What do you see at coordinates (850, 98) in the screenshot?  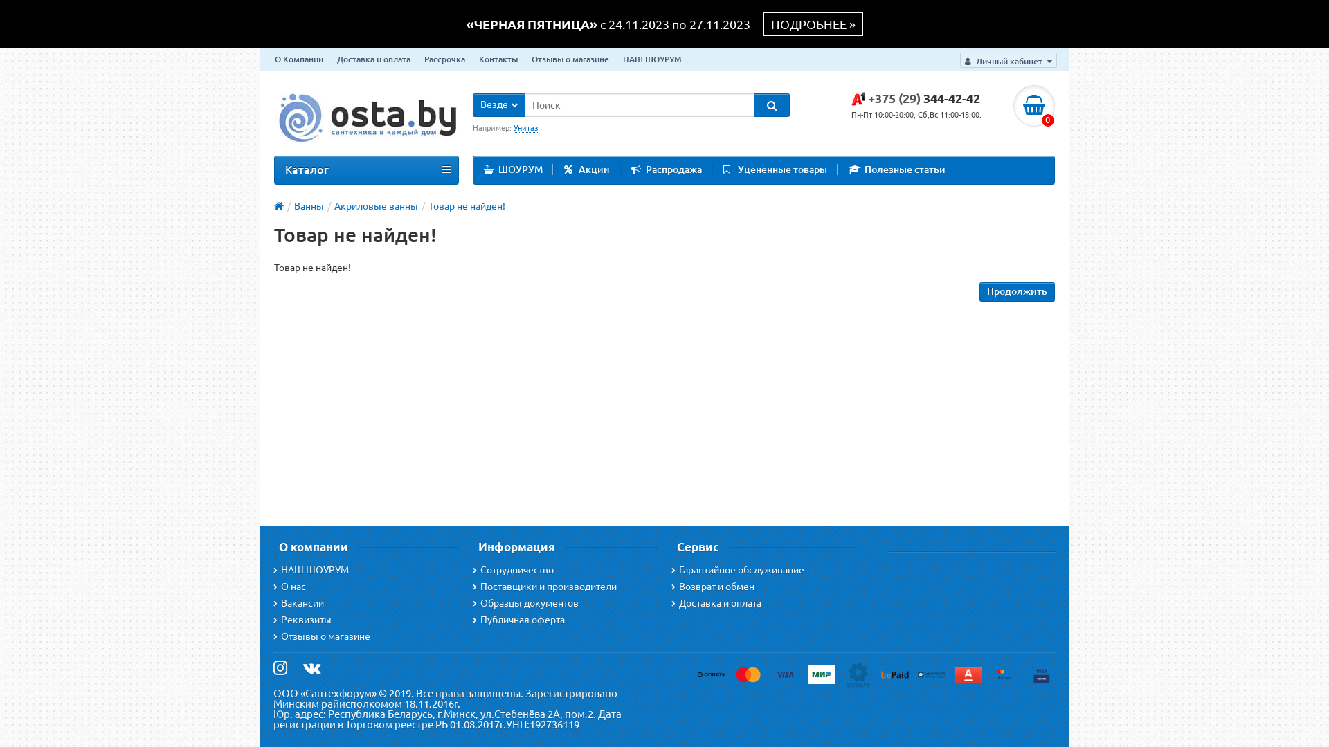 I see `'+375 (29) 344-42-42'` at bounding box center [850, 98].